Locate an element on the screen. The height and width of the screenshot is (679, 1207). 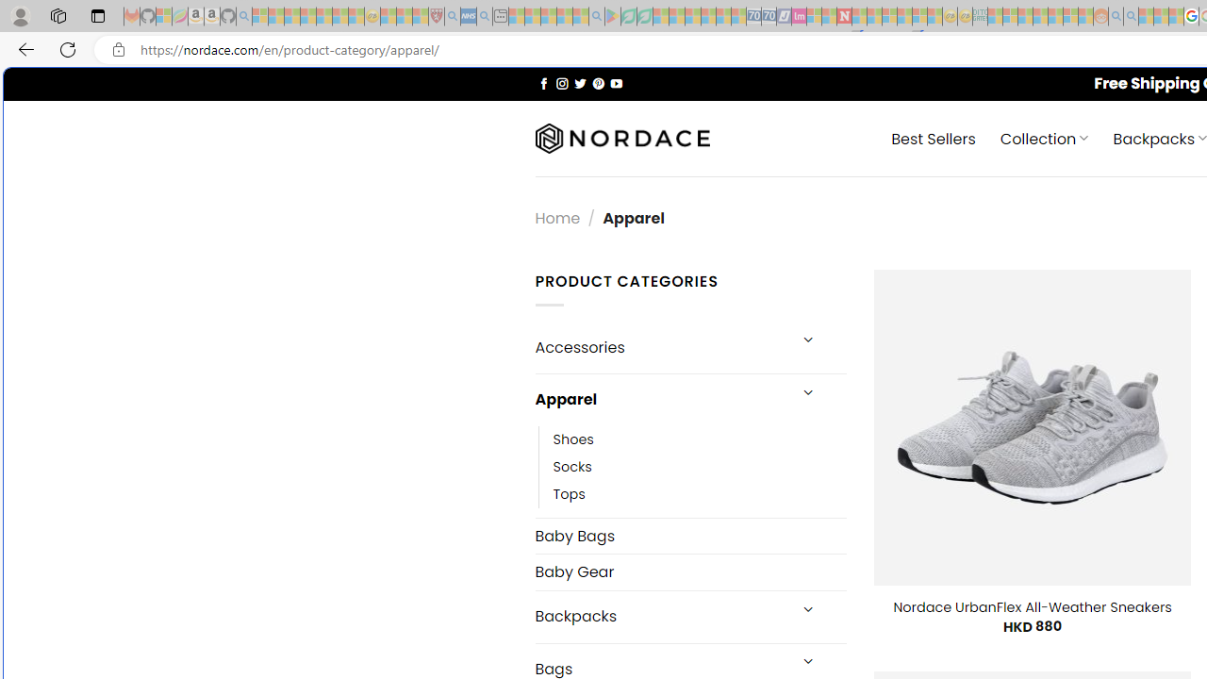
'DITOGAMES AG Imprint - Sleeping' is located at coordinates (980, 16).